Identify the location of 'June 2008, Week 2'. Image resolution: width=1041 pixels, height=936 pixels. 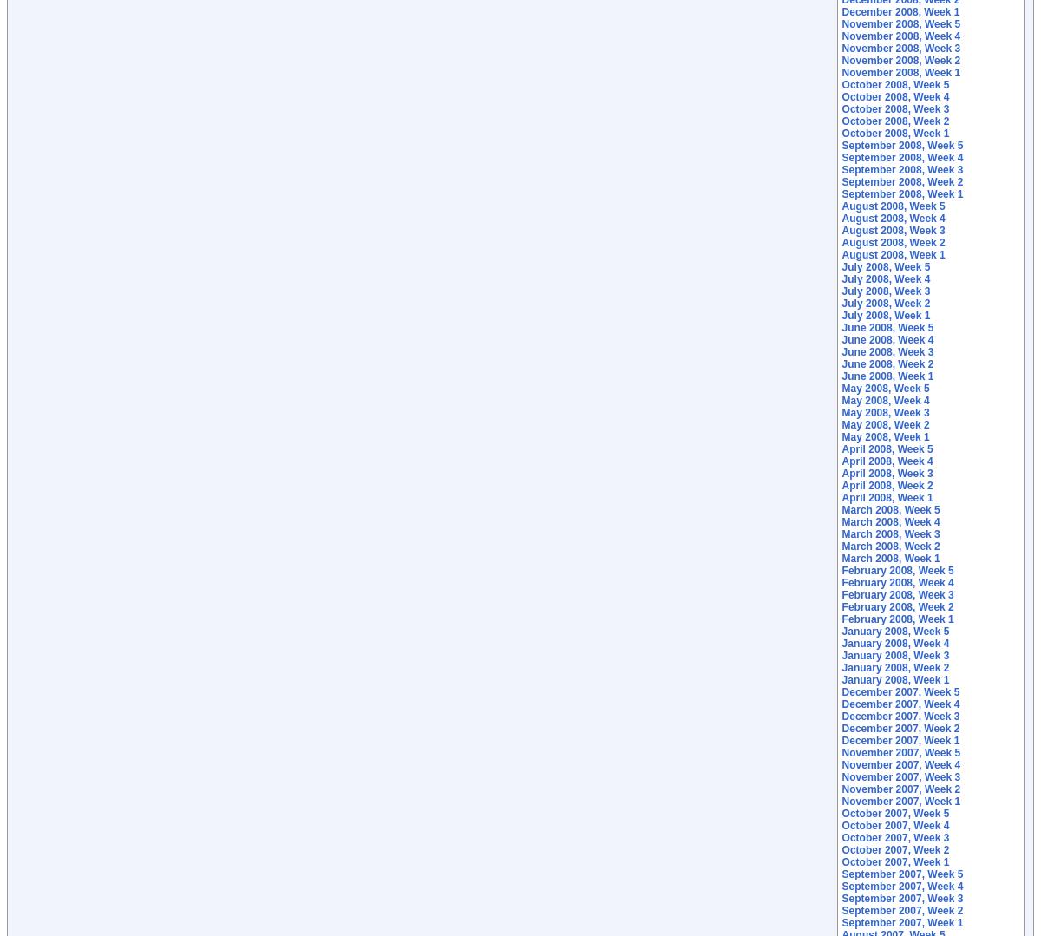
(887, 363).